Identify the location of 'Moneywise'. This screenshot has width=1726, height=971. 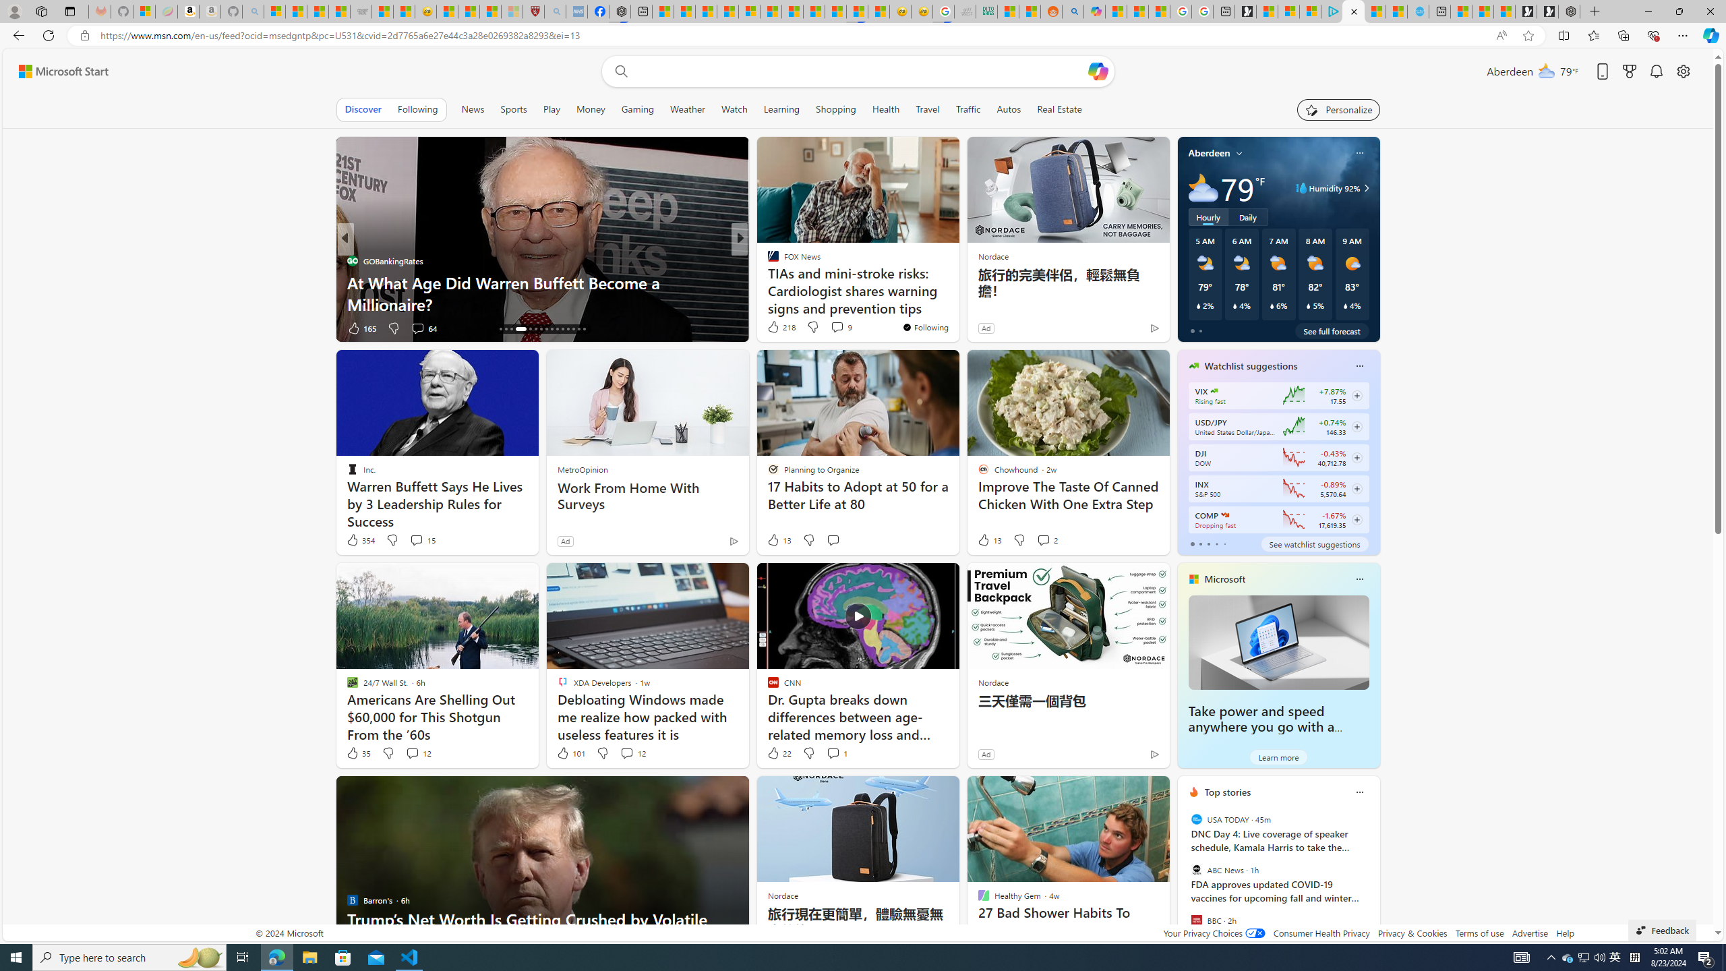
(767, 260).